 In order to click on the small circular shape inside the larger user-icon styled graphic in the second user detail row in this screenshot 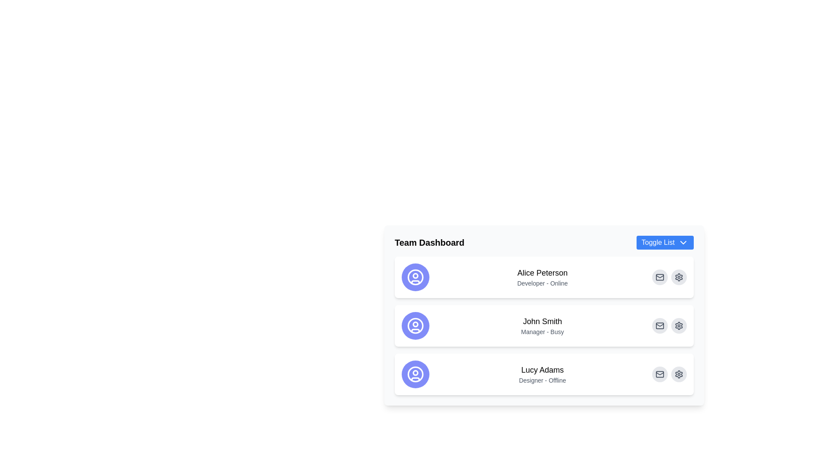, I will do `click(415, 324)`.